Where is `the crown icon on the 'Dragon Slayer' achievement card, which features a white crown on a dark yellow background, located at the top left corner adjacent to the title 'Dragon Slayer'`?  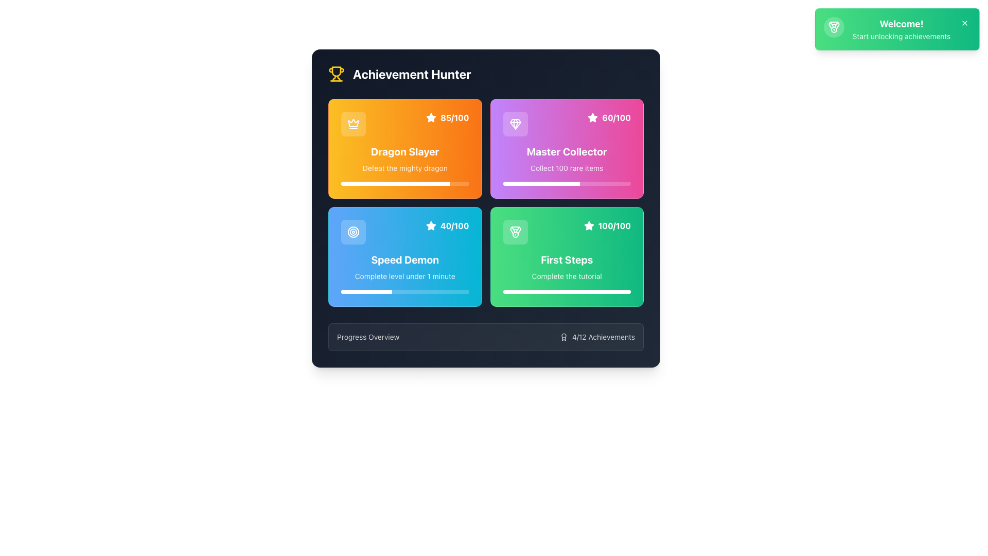
the crown icon on the 'Dragon Slayer' achievement card, which features a white crown on a dark yellow background, located at the top left corner adjacent to the title 'Dragon Slayer' is located at coordinates (353, 123).